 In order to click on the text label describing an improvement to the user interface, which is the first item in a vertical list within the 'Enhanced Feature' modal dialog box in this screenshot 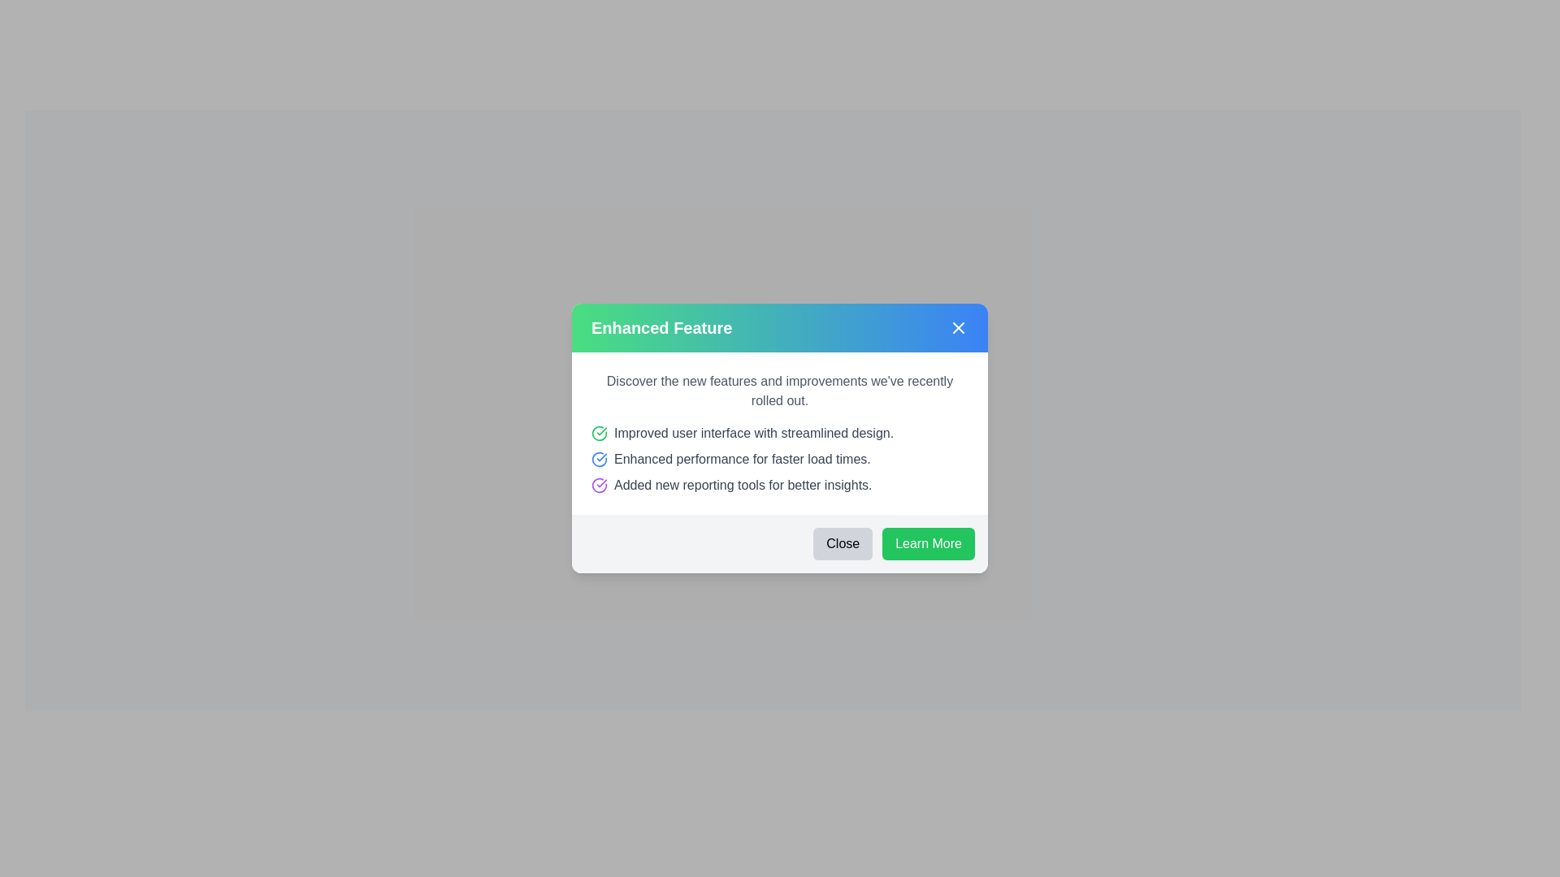, I will do `click(753, 432)`.